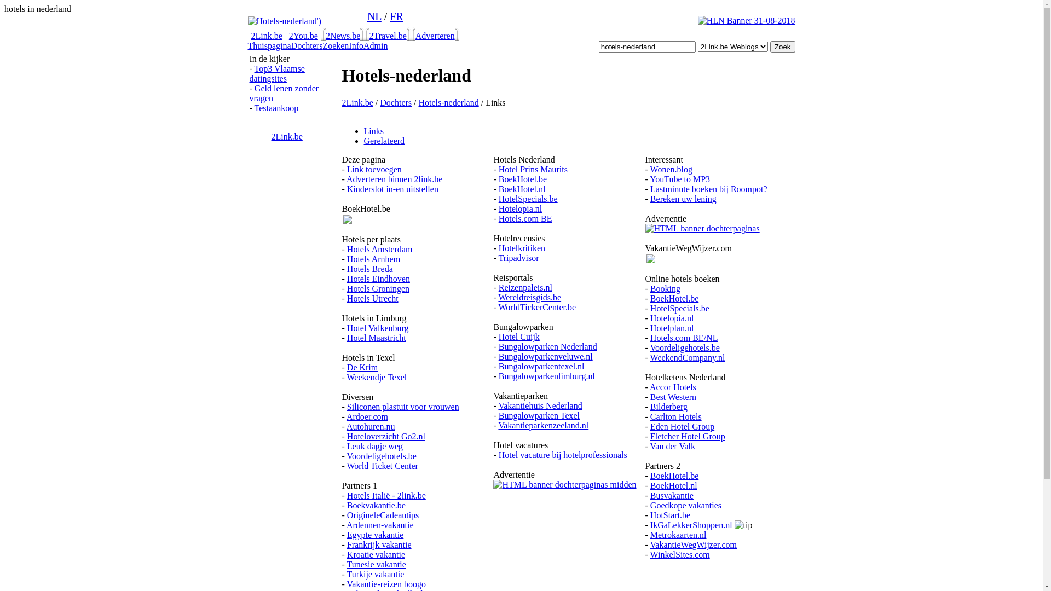  What do you see at coordinates (303, 35) in the screenshot?
I see `'2You.be'` at bounding box center [303, 35].